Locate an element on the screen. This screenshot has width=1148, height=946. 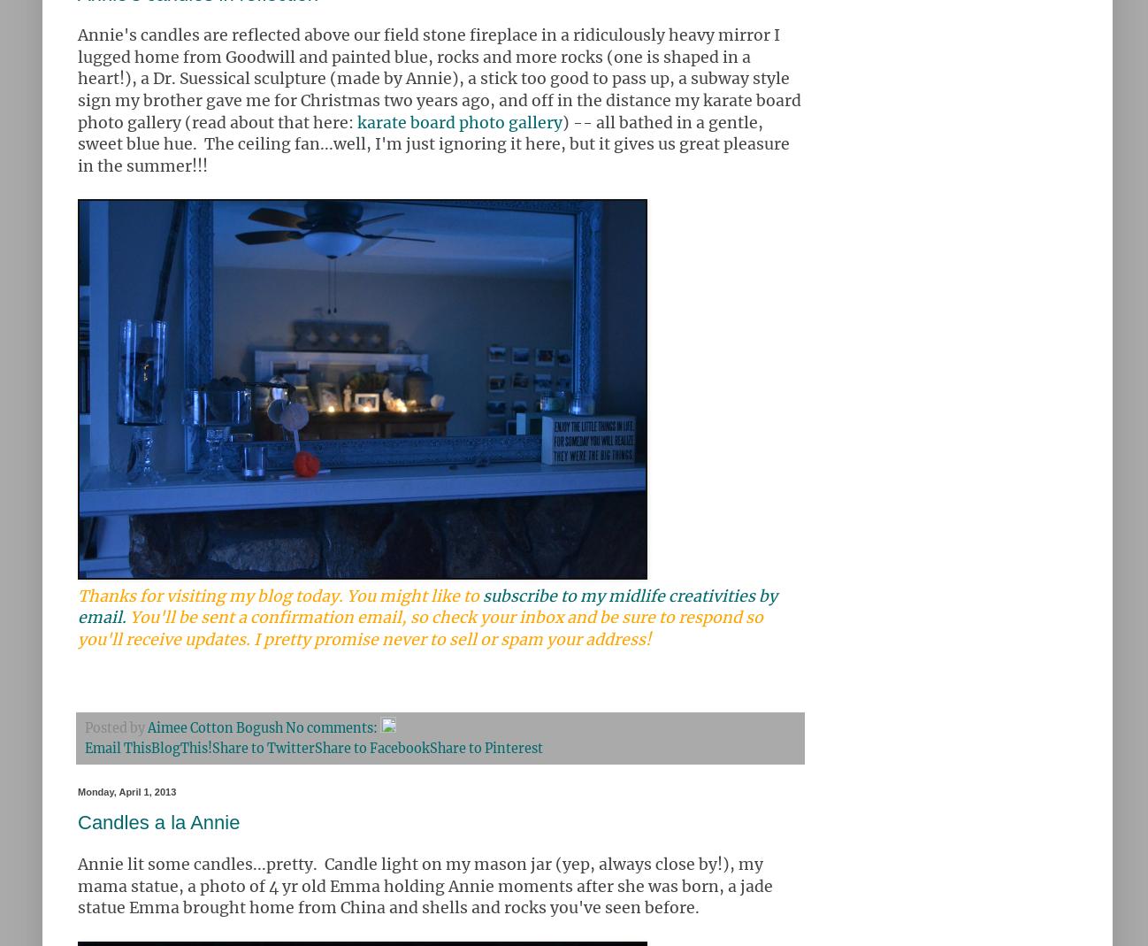
'Annie lit some candles...pretty.  Candle light on my mason jar (yep, always close by!), my mama statue, a photo of 4 yr old Emma holding Annie moments after she was born, a jade statue Emma brought home from China and shells and rocks you've seen before.' is located at coordinates (78, 886).